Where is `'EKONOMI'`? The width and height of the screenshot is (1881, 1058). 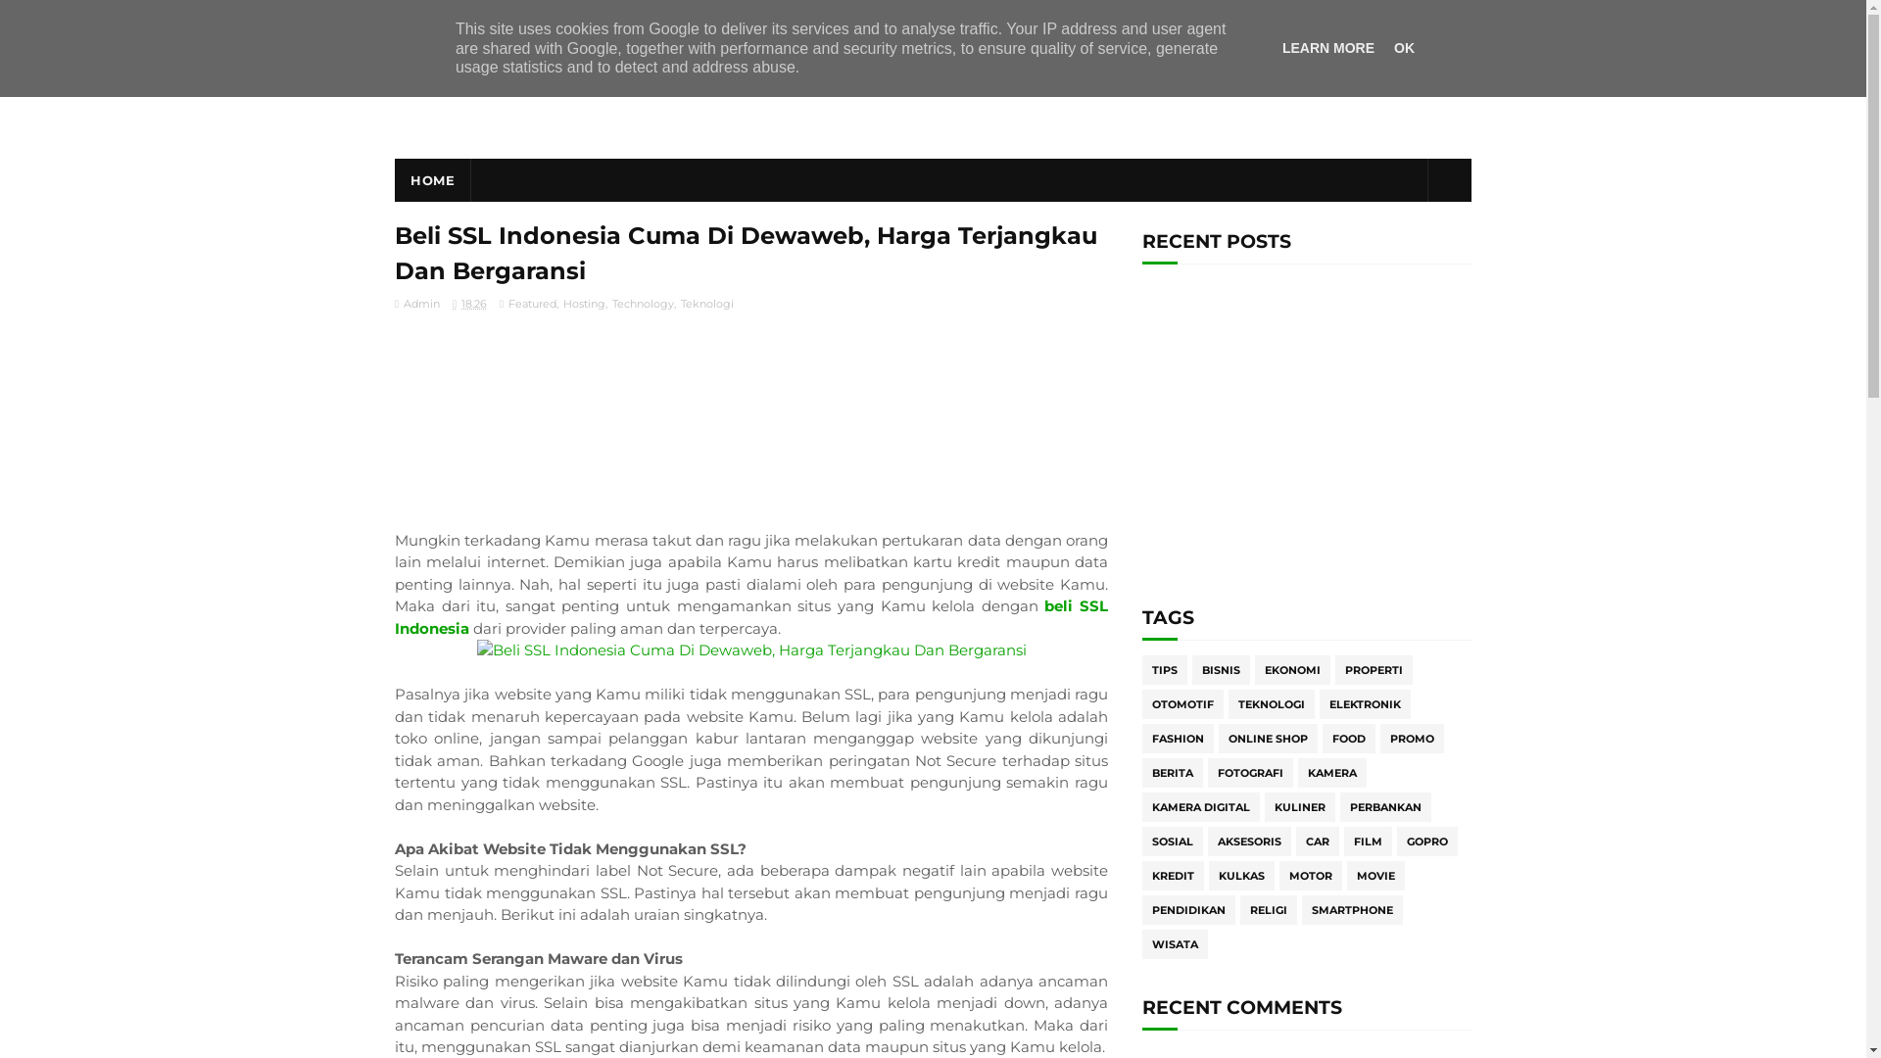
'EKONOMI' is located at coordinates (1292, 668).